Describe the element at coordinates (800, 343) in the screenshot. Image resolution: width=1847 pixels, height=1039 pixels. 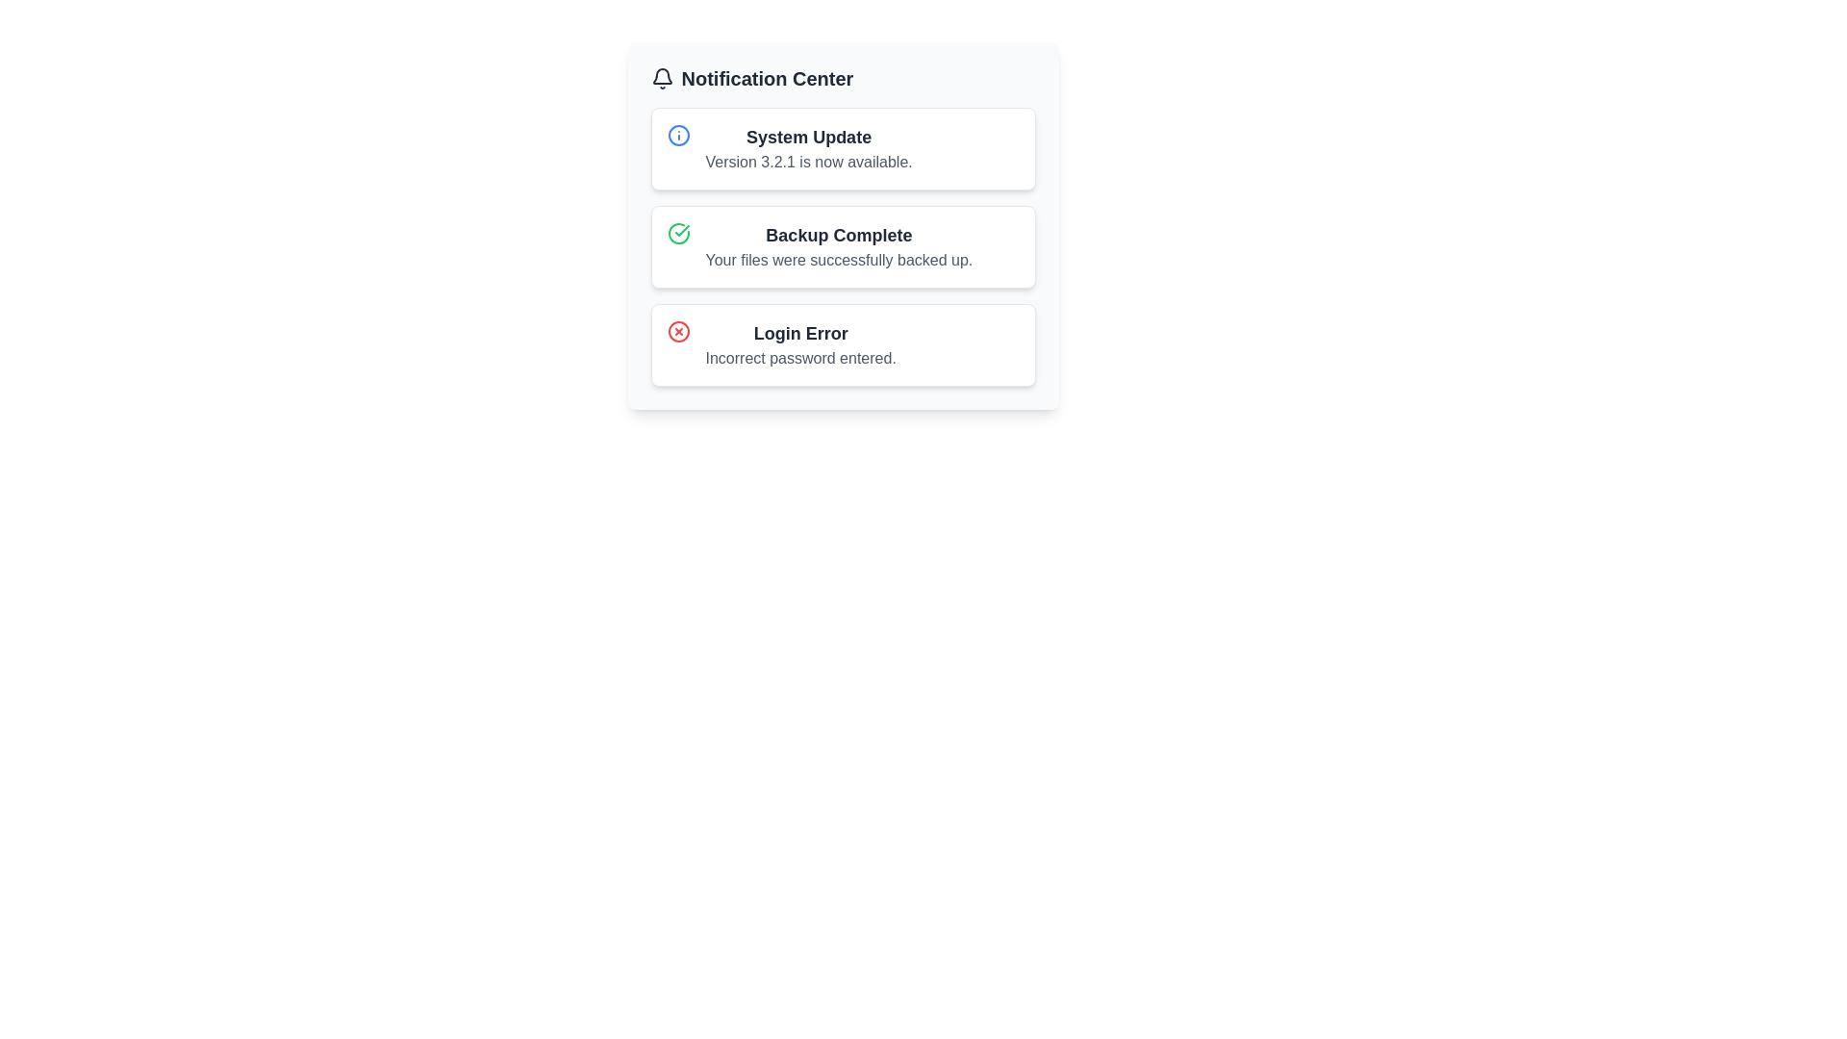
I see `notification content displayed in the text block indicating a failed login attempt, which is positioned below the 'Backup Complete' notification in the vertical list` at that location.